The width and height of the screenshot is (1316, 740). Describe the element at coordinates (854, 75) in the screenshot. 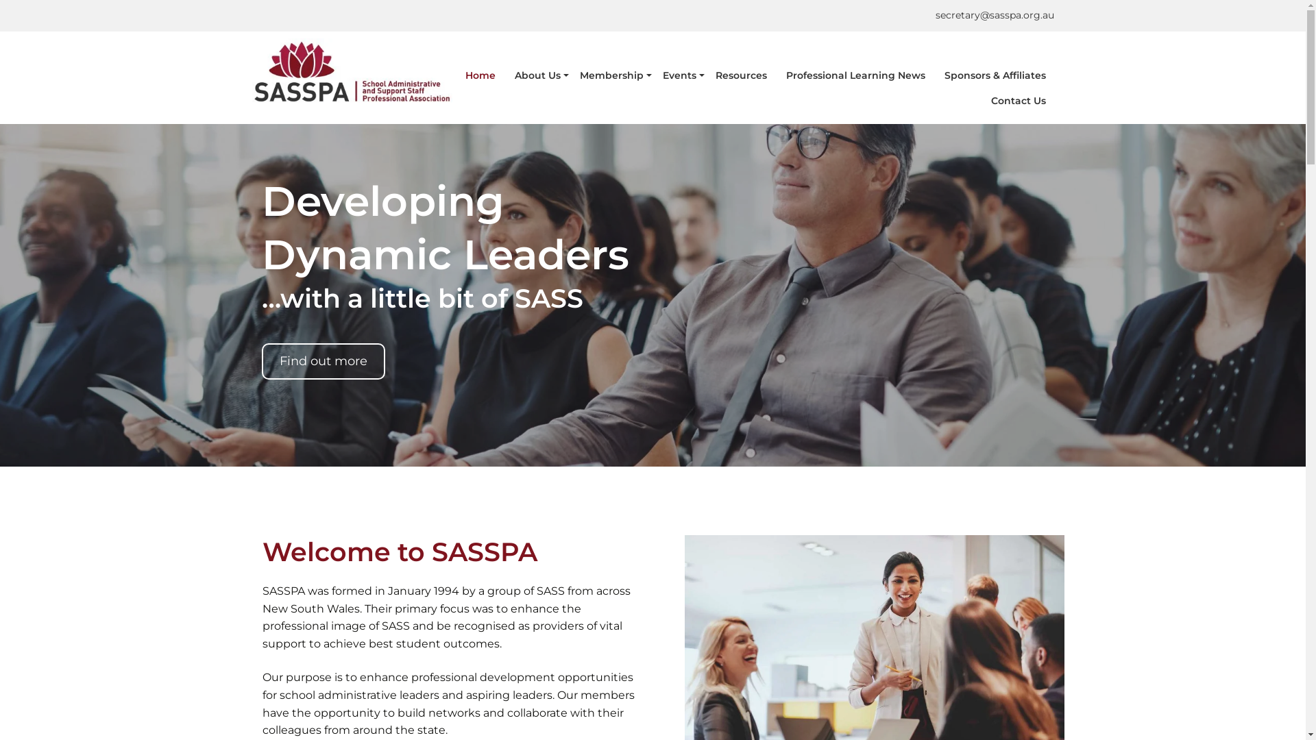

I see `'Professional Learning News'` at that location.